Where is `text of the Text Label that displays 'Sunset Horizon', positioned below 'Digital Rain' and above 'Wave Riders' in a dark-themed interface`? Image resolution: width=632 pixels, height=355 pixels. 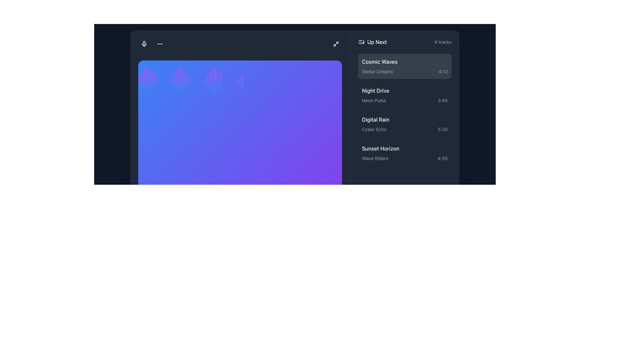
text of the Text Label that displays 'Sunset Horizon', positioned below 'Digital Rain' and above 'Wave Riders' in a dark-themed interface is located at coordinates (381, 148).